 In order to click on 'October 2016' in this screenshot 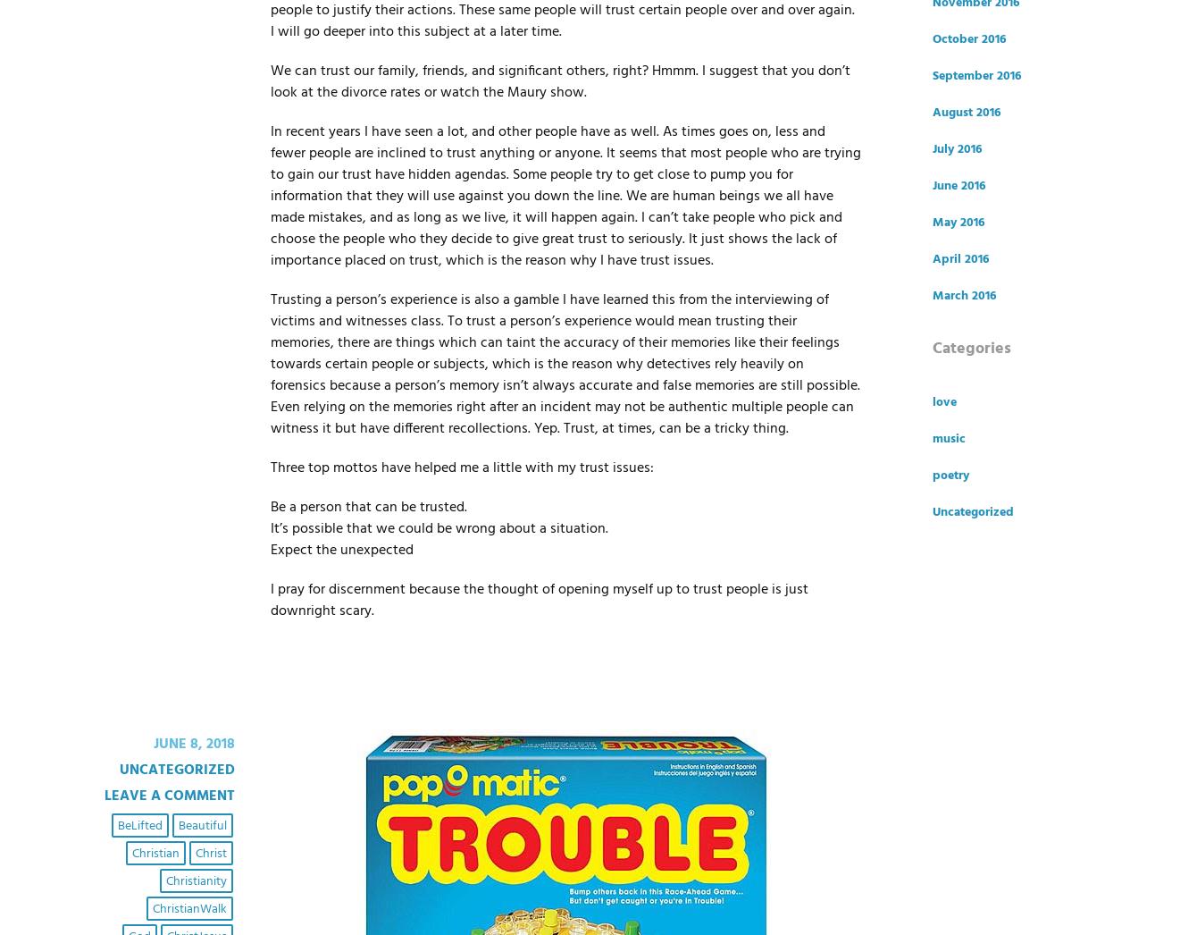, I will do `click(969, 38)`.